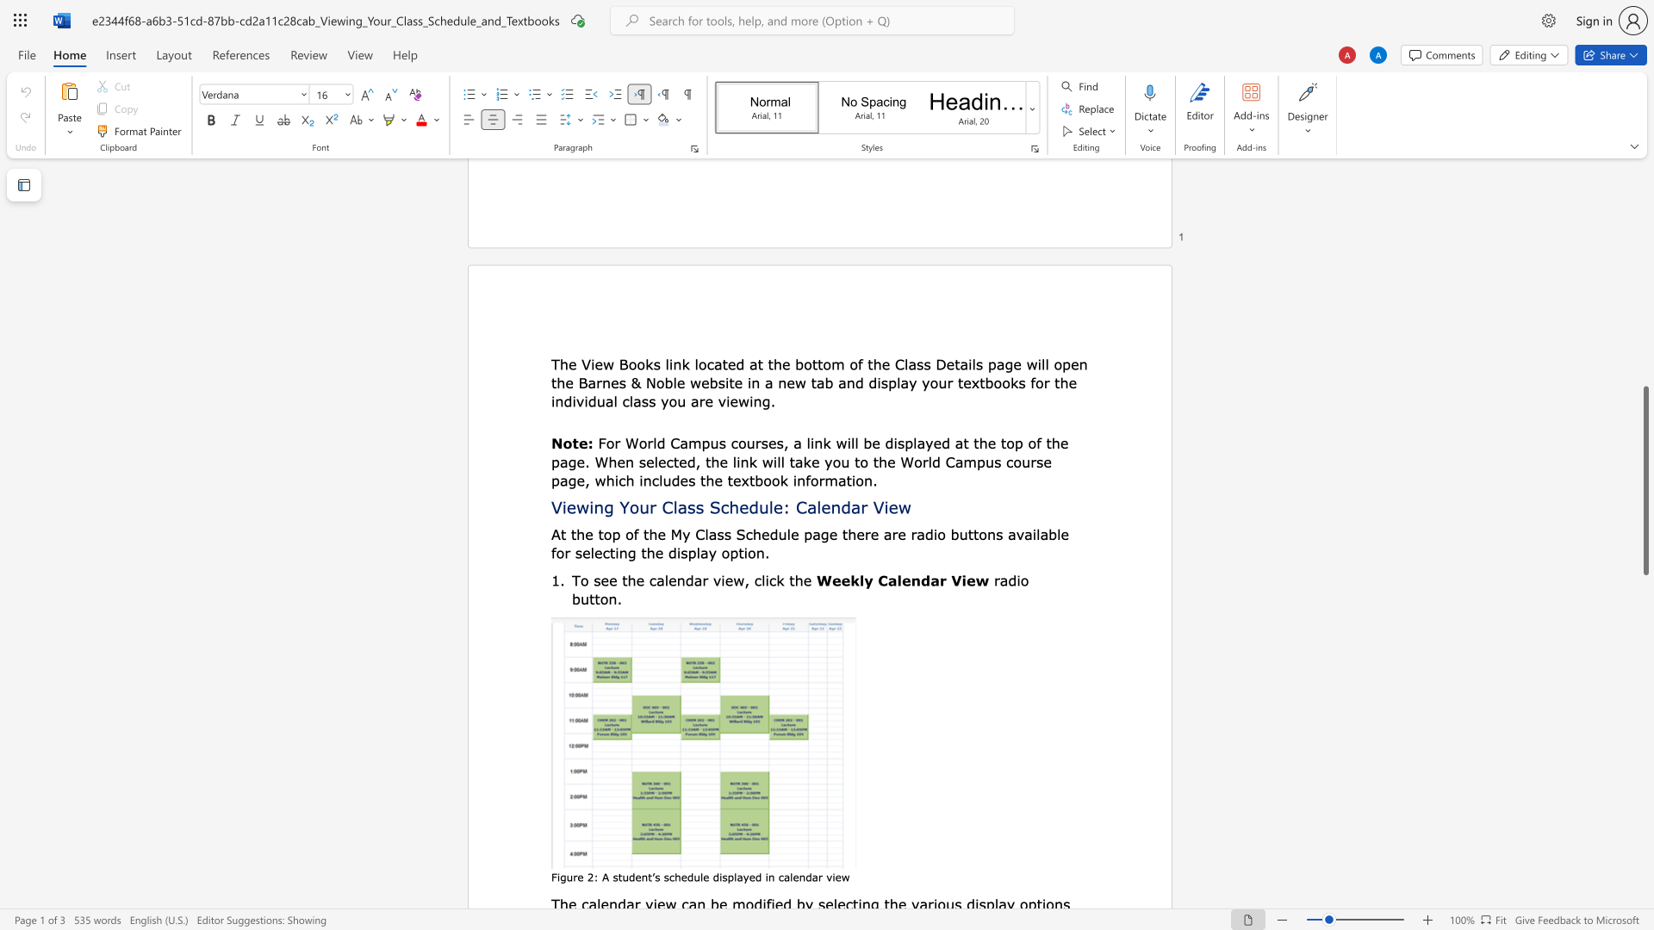 This screenshot has height=930, width=1654. Describe the element at coordinates (1645, 291) in the screenshot. I see `the scrollbar to move the content higher` at that location.